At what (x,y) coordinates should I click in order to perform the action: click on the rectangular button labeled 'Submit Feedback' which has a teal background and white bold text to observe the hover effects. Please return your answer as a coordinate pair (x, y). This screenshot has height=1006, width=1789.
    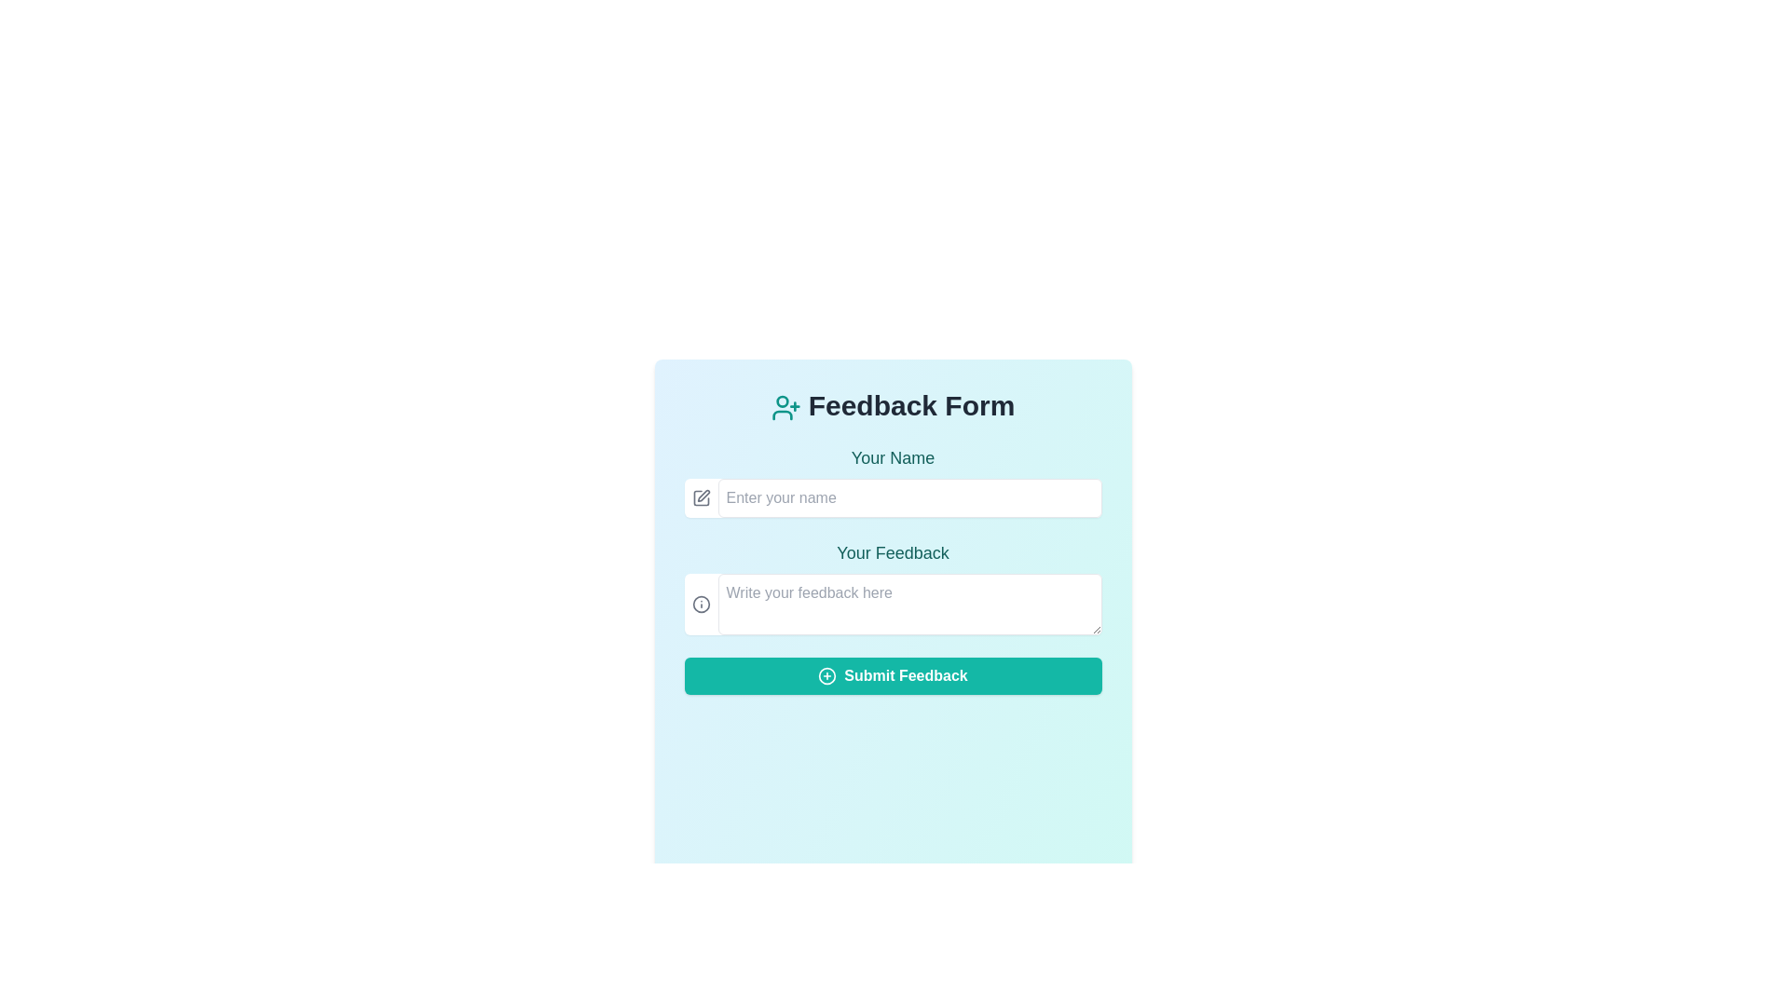
    Looking at the image, I should click on (892, 676).